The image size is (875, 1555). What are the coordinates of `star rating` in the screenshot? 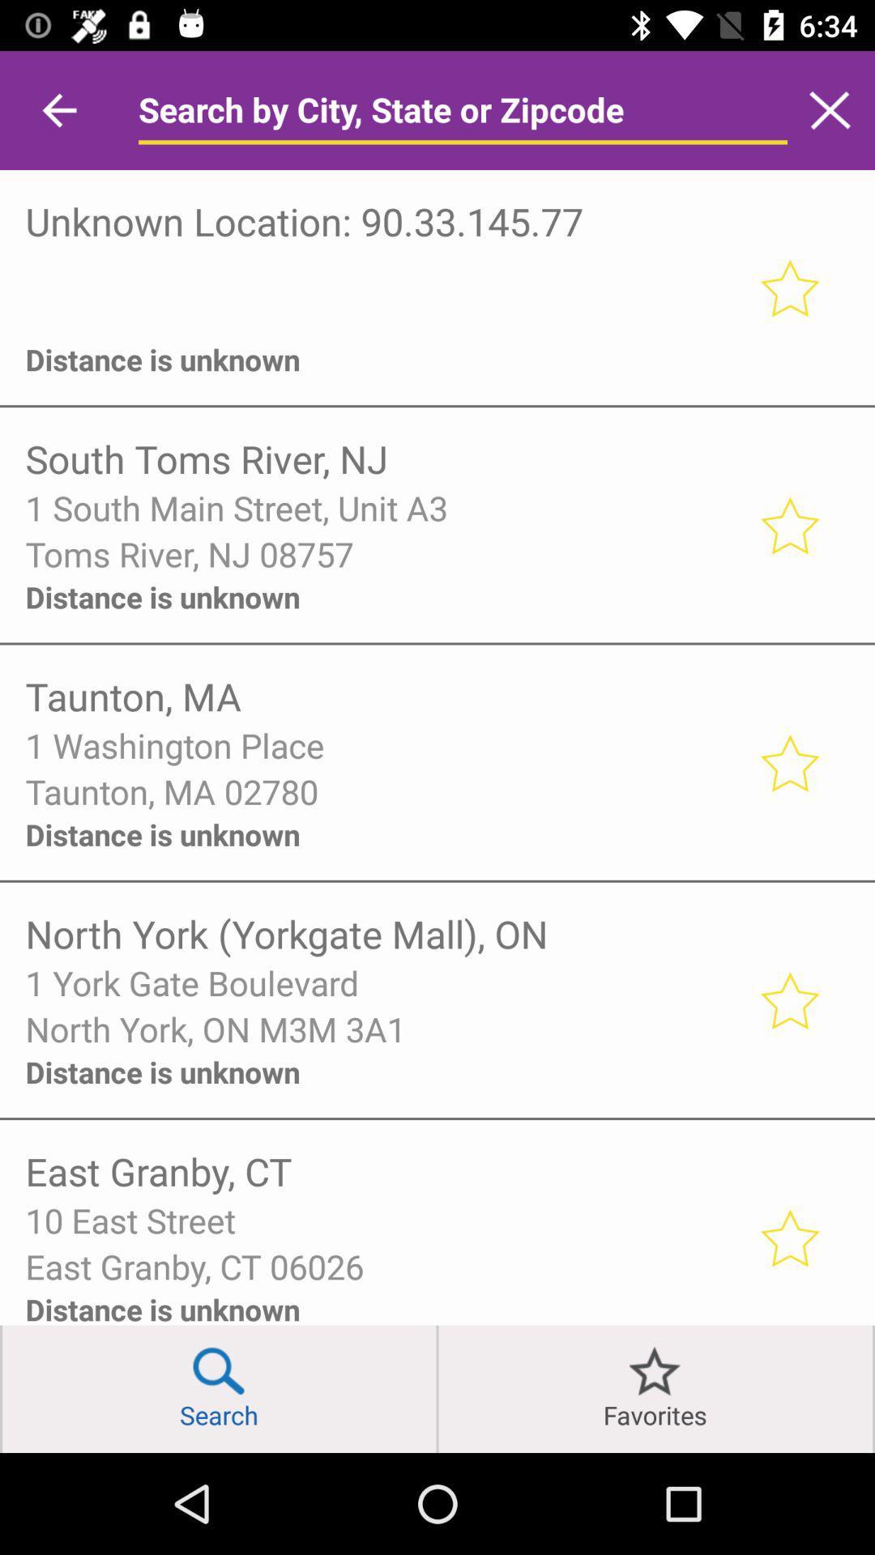 It's located at (788, 525).